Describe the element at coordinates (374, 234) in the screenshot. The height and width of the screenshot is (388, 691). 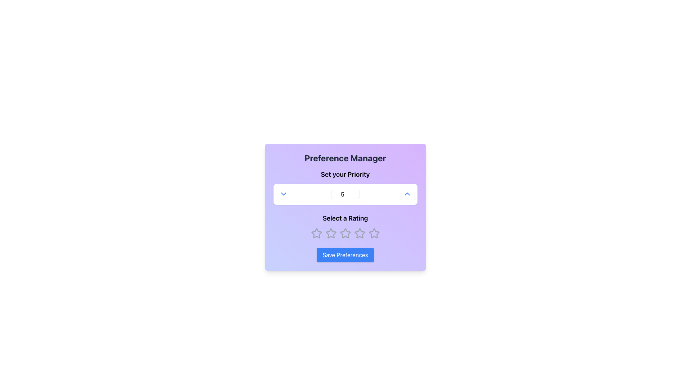
I see `the fifth star icon in the row of five stars under the 'Select a Rating' heading` at that location.